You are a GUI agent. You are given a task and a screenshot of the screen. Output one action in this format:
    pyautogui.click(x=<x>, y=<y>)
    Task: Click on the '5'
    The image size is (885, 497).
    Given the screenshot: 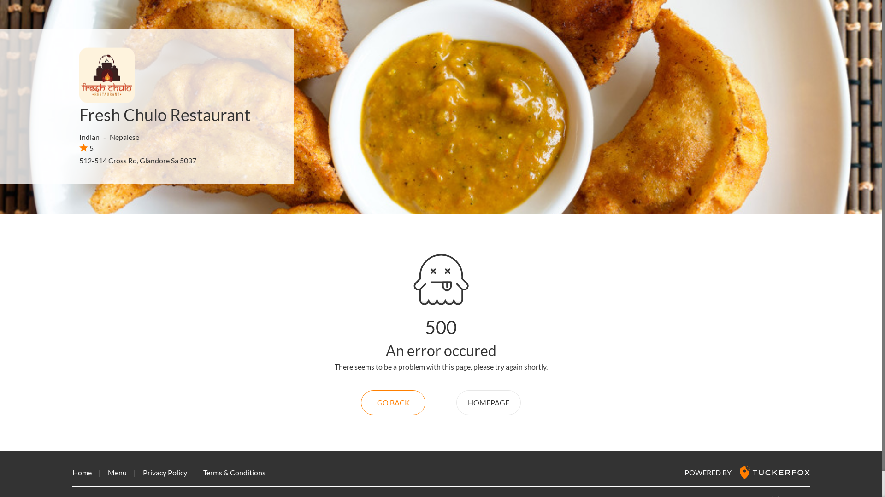 What is the action you would take?
    pyautogui.click(x=79, y=147)
    